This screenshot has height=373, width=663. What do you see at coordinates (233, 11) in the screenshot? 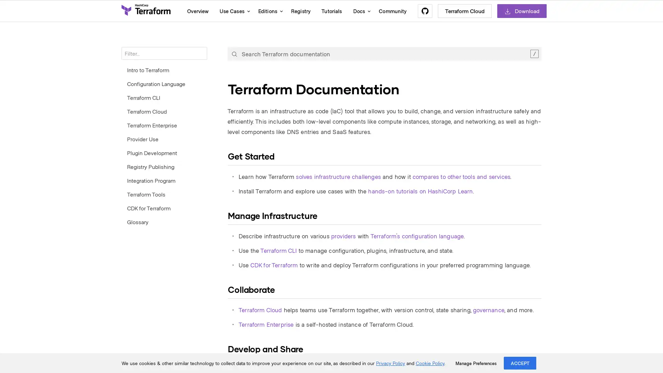
I see `Use Cases` at bounding box center [233, 11].